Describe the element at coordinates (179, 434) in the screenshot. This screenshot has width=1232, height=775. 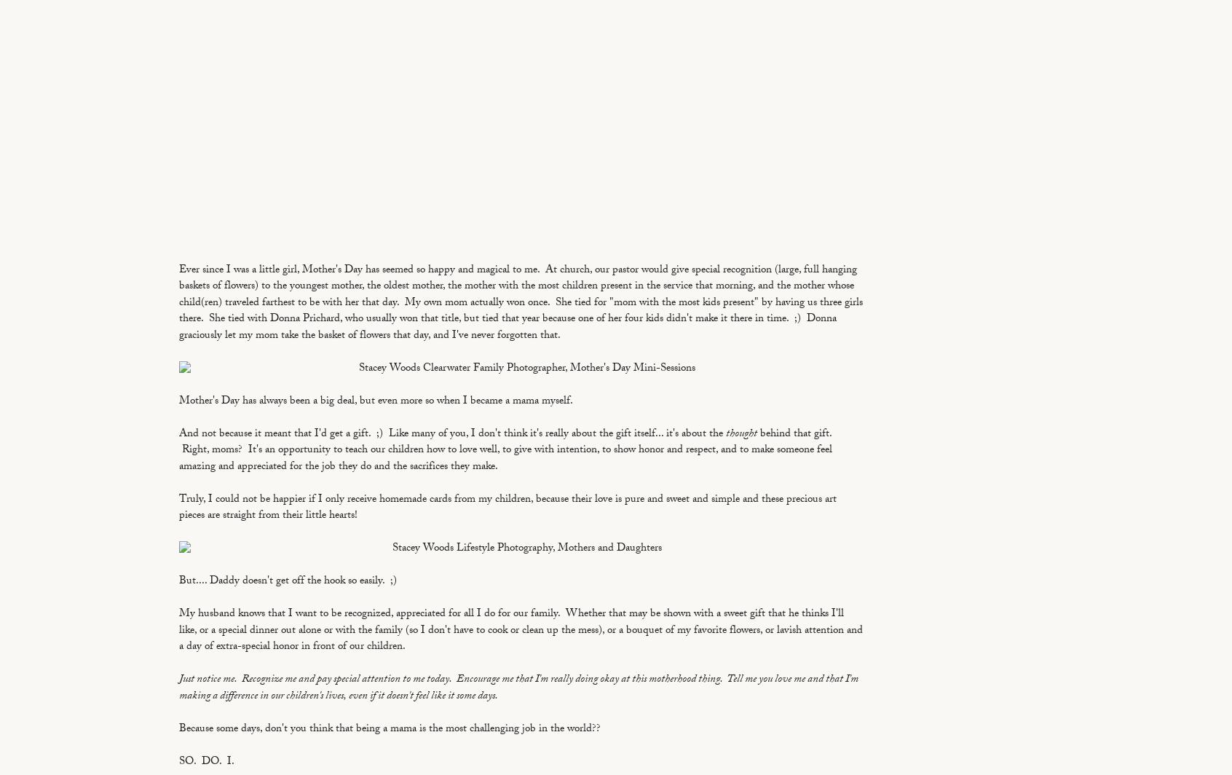
I see `'And not because it meant that I'd get a gift.  ;)  Like many of you, I don't think it's really about the gift itself... it's about the'` at that location.